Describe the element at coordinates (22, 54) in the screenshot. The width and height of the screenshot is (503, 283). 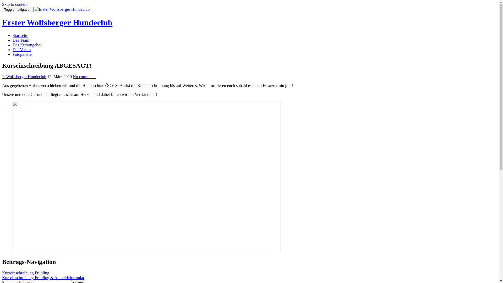
I see `'Fotogalerie'` at that location.